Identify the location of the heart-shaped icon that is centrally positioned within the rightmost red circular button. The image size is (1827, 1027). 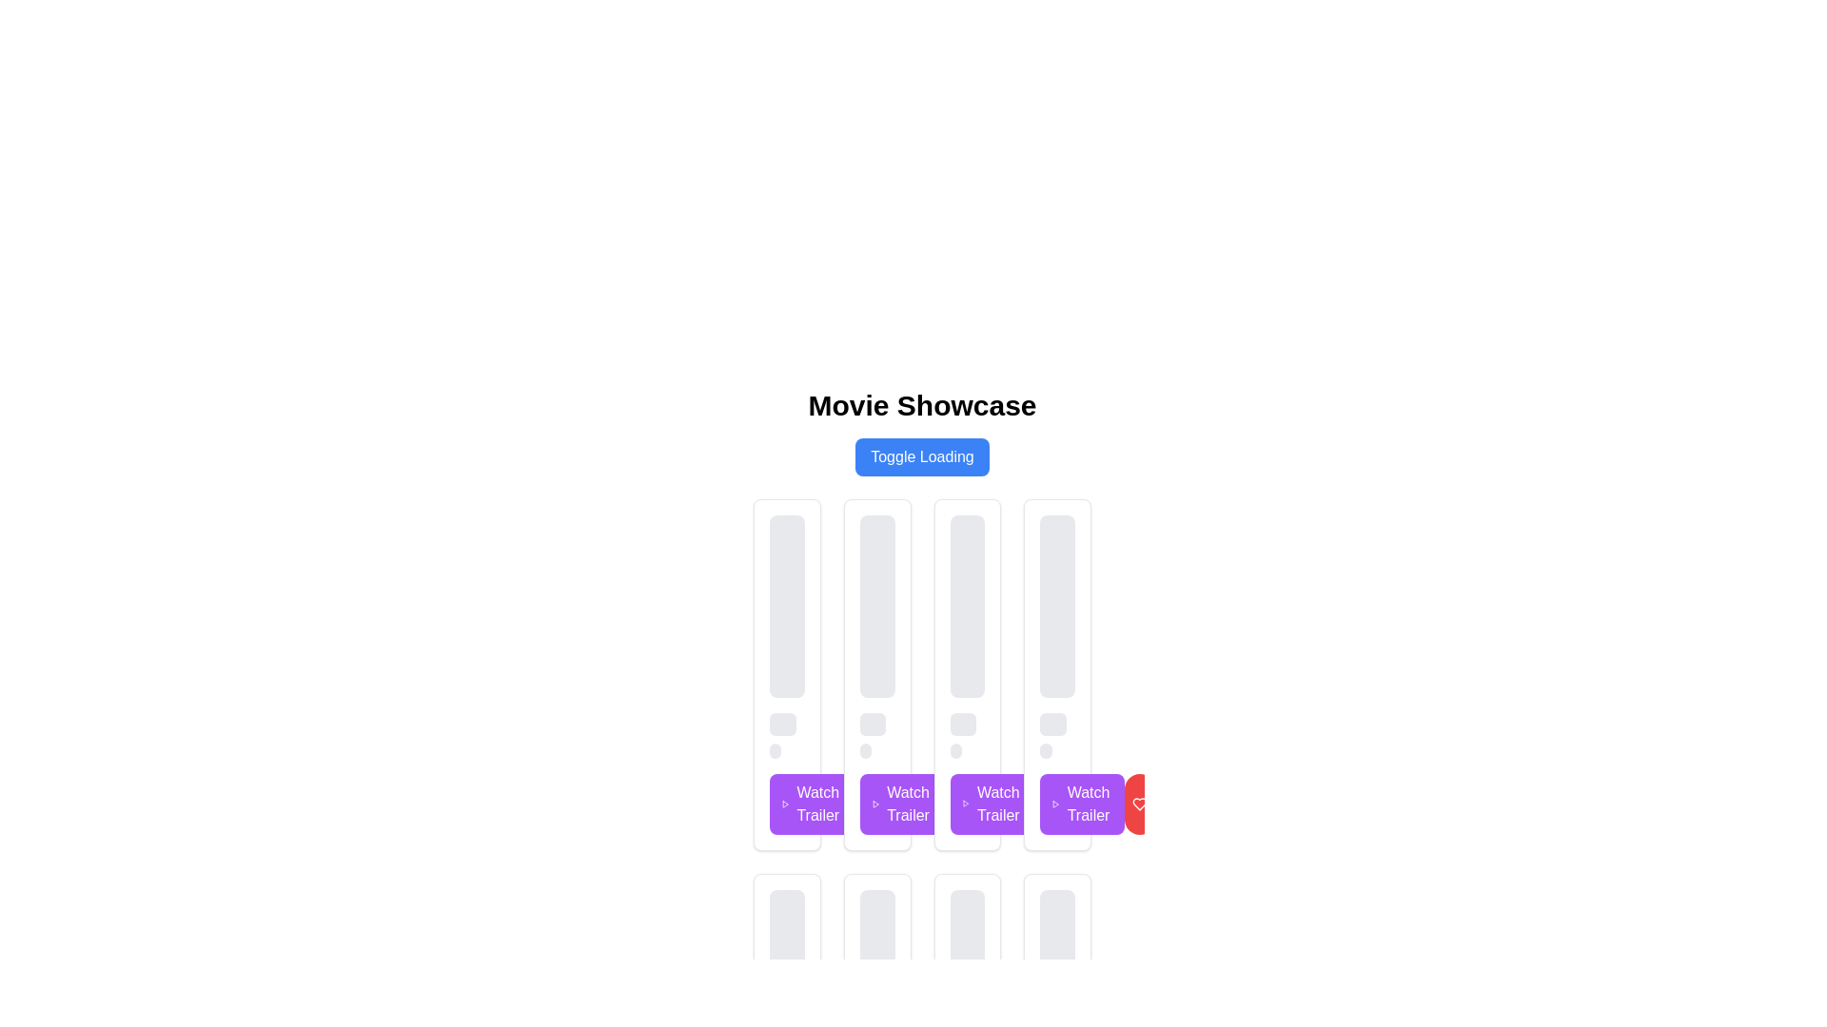
(1140, 804).